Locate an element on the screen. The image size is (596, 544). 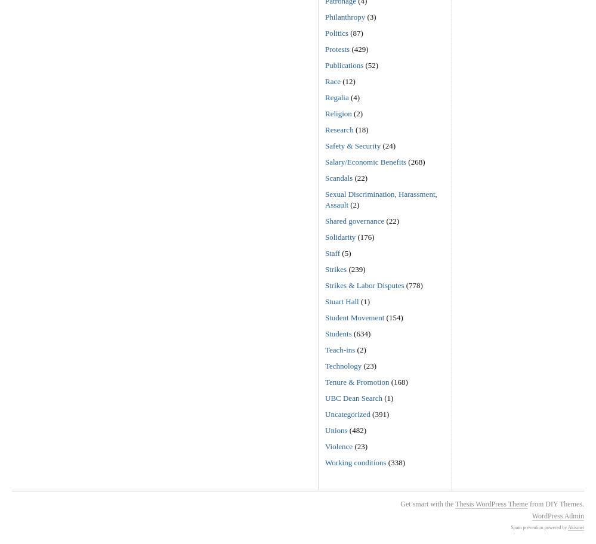
'Uncategorized' is located at coordinates (347, 413).